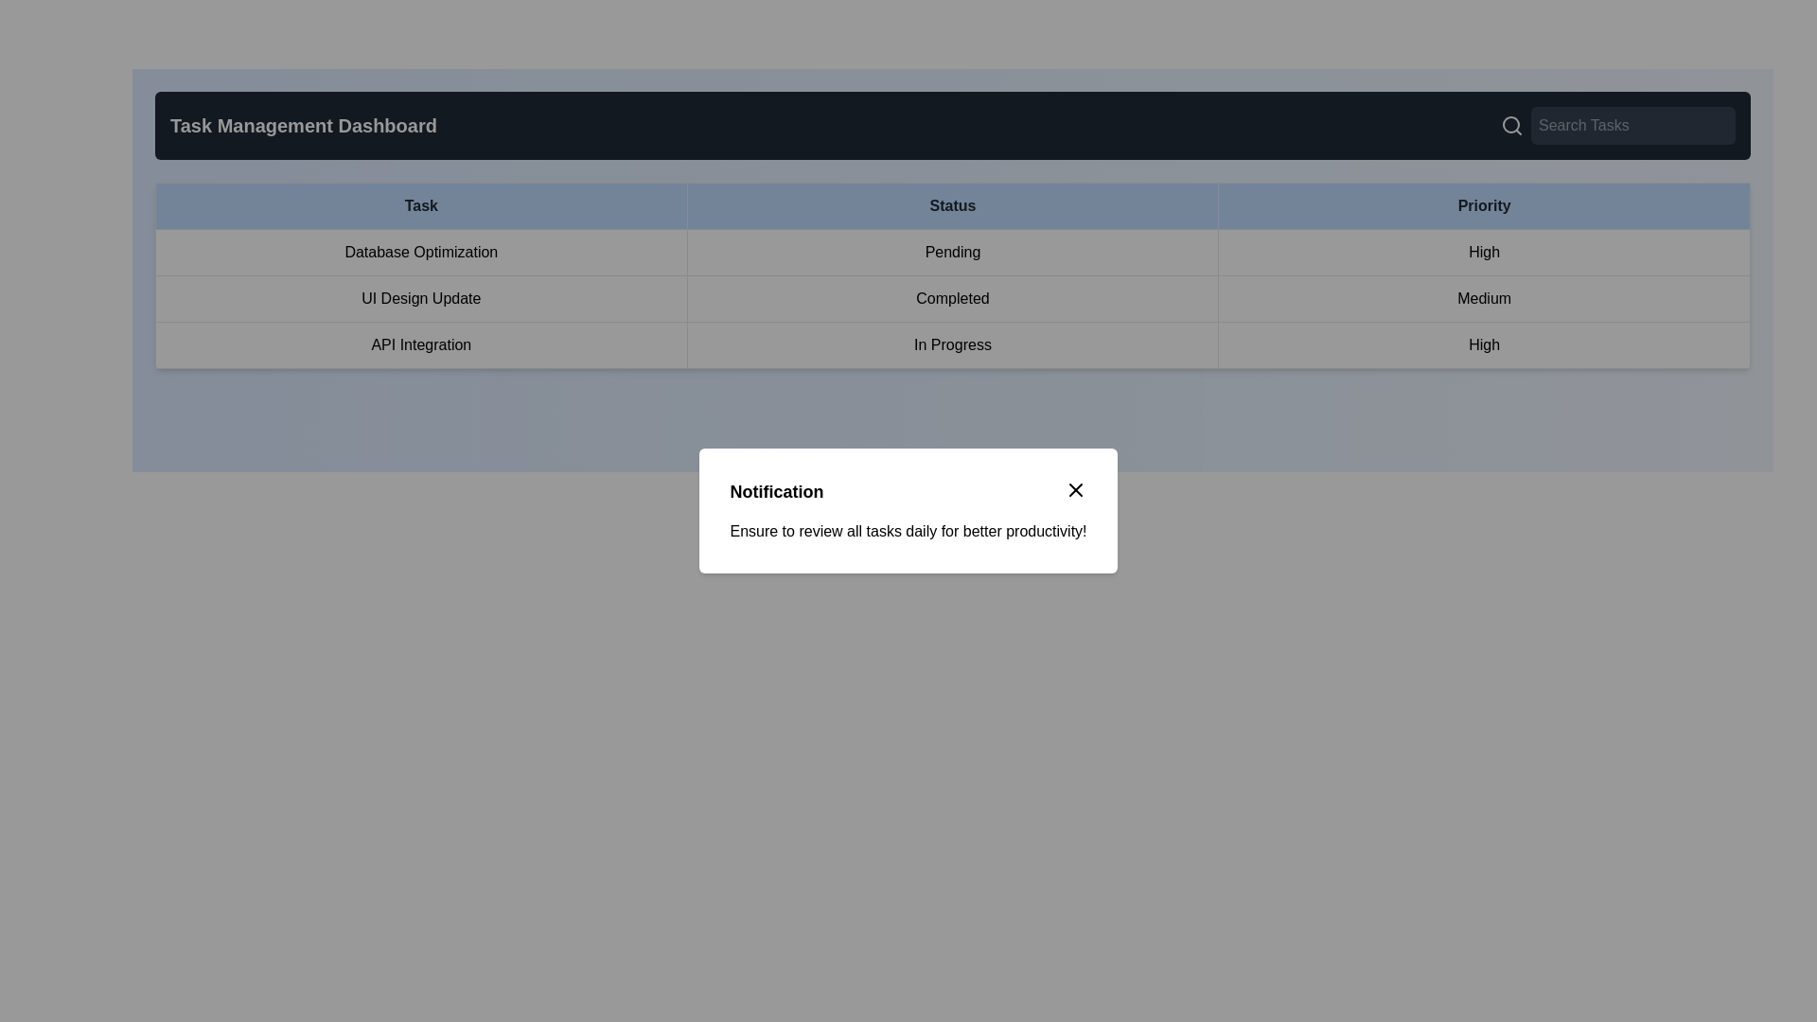 The height and width of the screenshot is (1022, 1817). Describe the element at coordinates (953, 206) in the screenshot. I see `the table header row with a blue background containing the words 'Task,' 'Status,' and 'Priority.' This is the first row in the table under the 'Task Management Dashboard.'` at that location.